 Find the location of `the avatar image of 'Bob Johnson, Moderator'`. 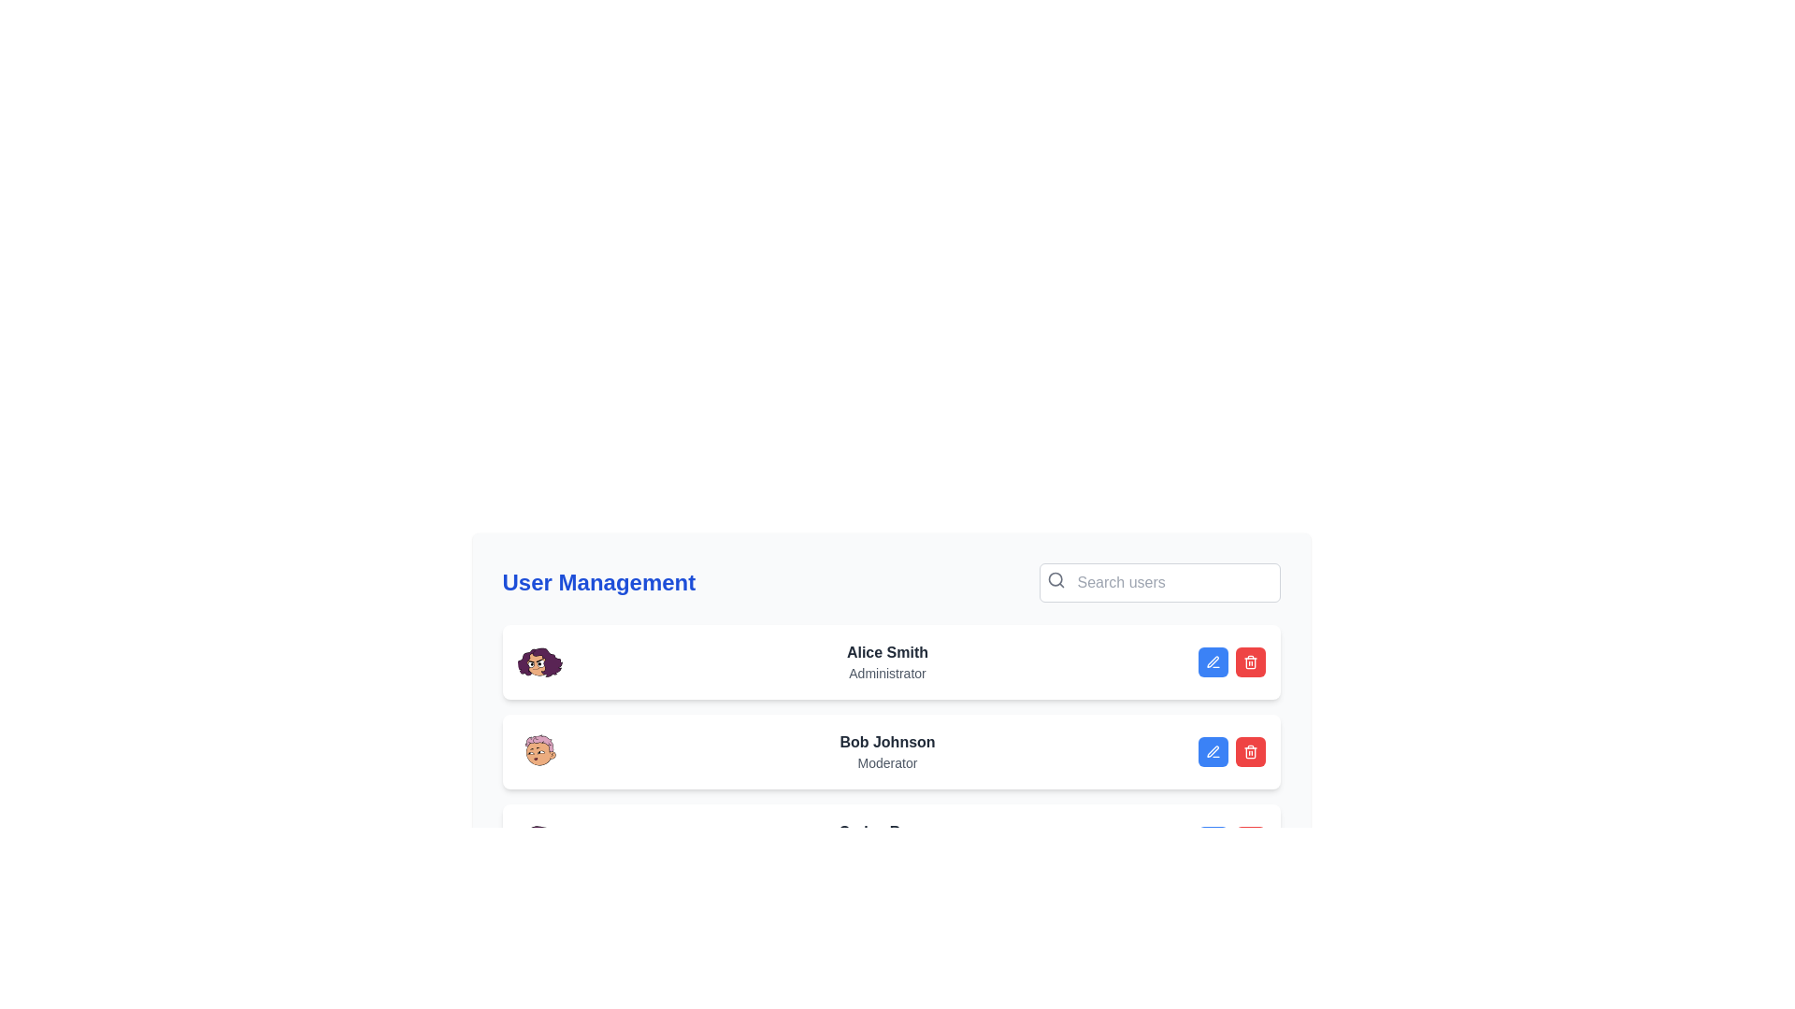

the avatar image of 'Bob Johnson, Moderator' is located at coordinates (538, 751).